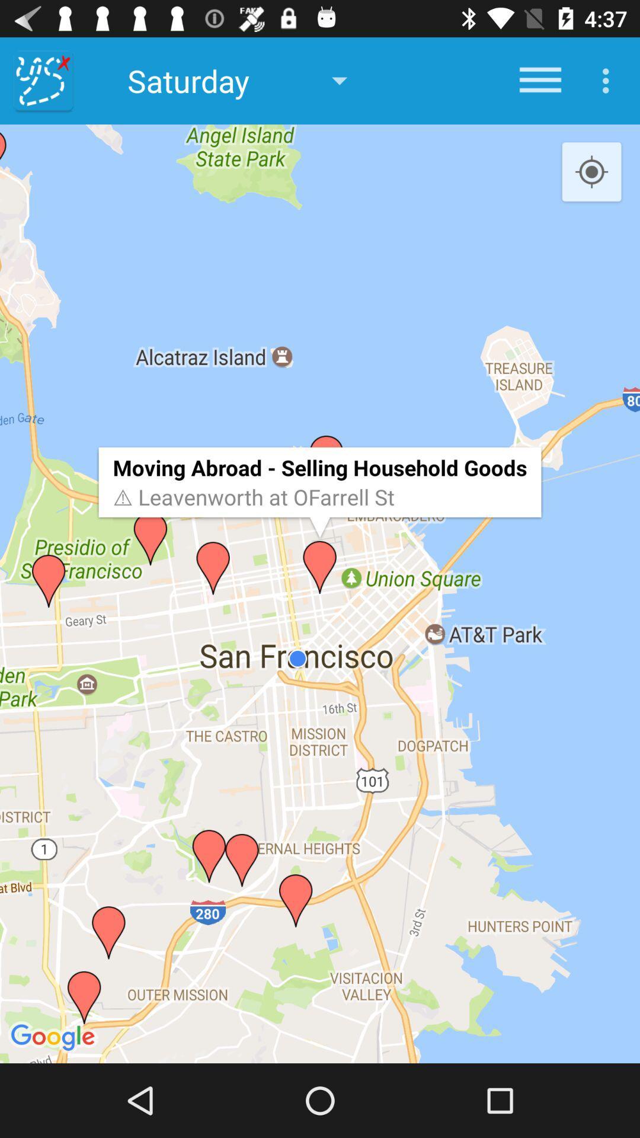 This screenshot has width=640, height=1138. What do you see at coordinates (43, 80) in the screenshot?
I see `back to menu` at bounding box center [43, 80].